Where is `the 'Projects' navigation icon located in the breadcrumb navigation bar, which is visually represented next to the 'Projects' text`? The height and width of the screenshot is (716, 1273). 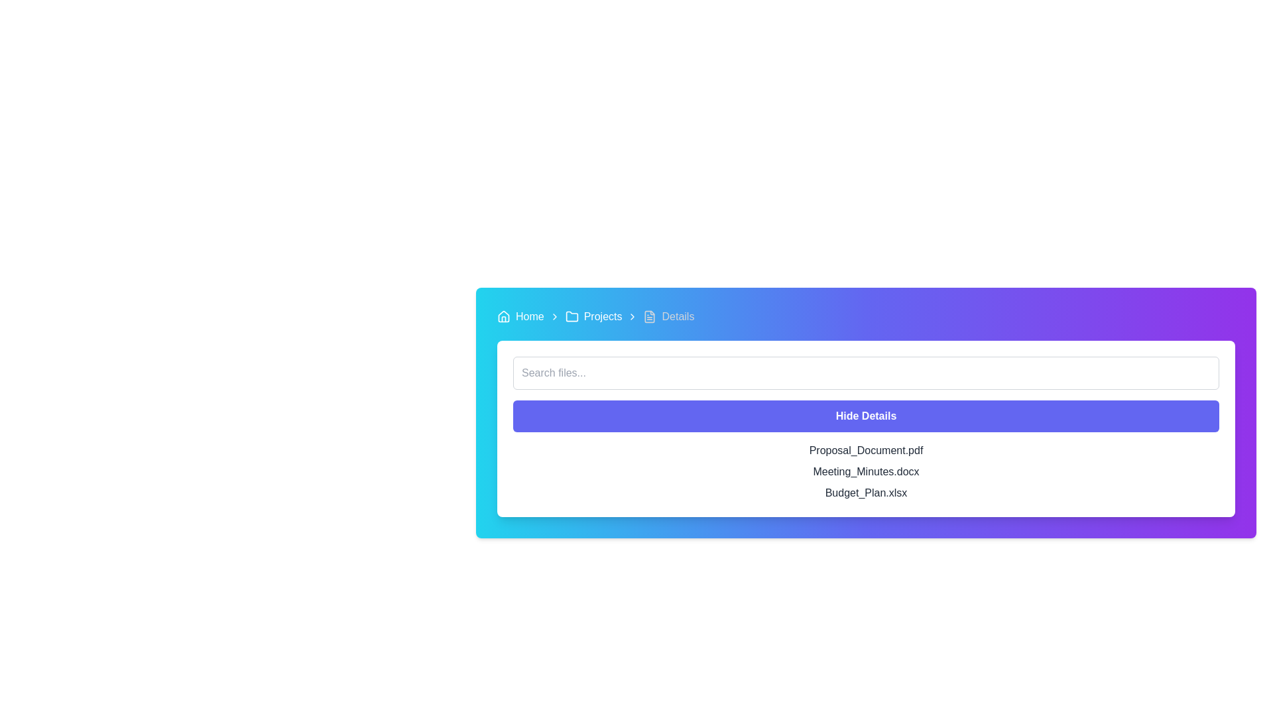 the 'Projects' navigation icon located in the breadcrumb navigation bar, which is visually represented next to the 'Projects' text is located at coordinates (572, 317).